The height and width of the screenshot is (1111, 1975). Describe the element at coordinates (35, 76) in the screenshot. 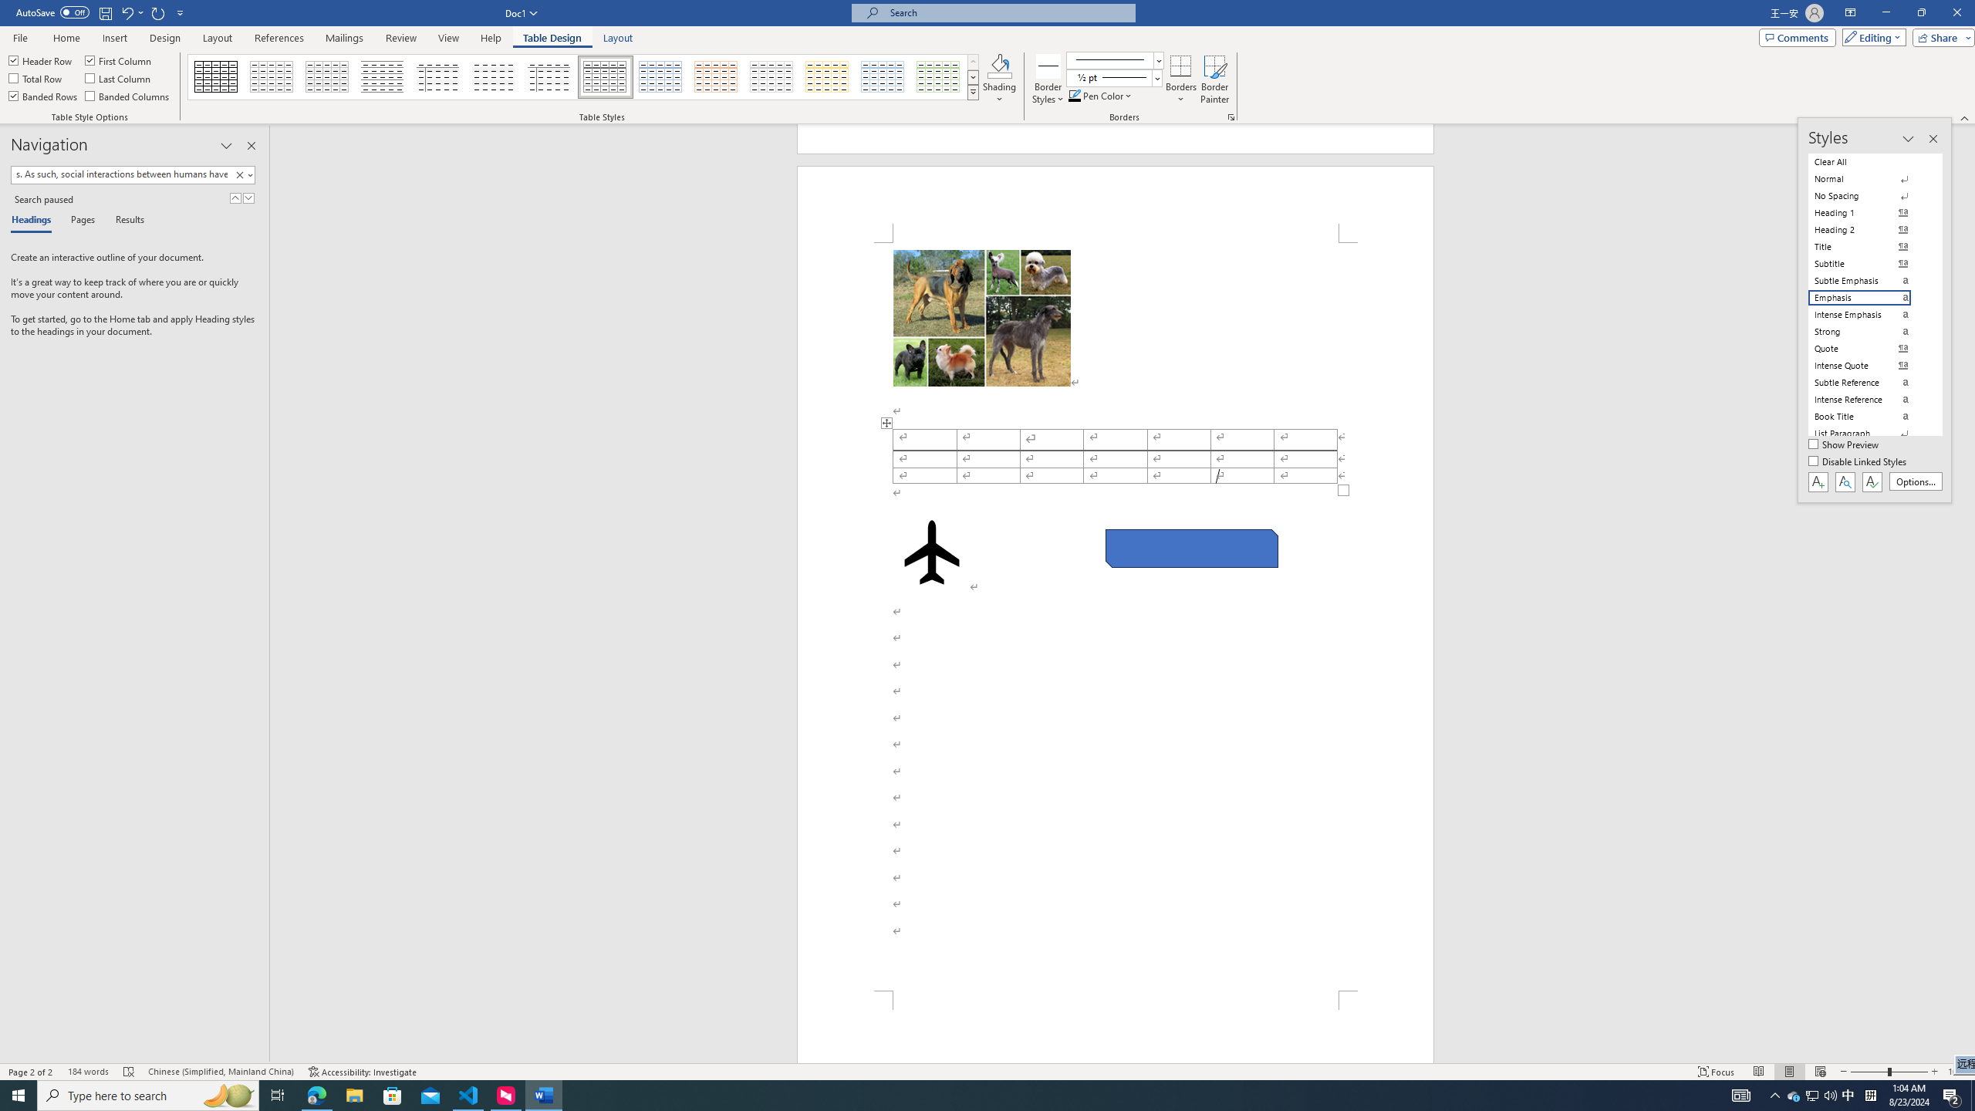

I see `'Total Row'` at that location.